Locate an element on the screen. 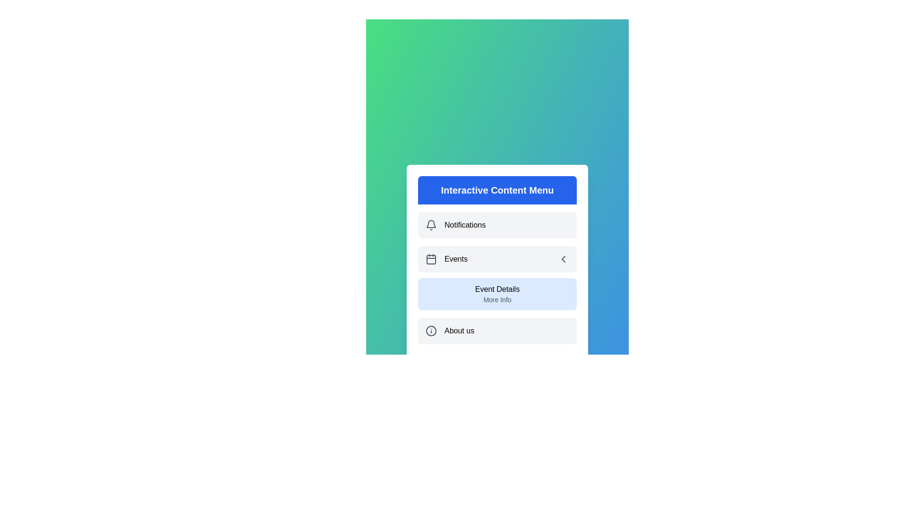 This screenshot has width=907, height=510. the menu item About us is located at coordinates (496, 331).